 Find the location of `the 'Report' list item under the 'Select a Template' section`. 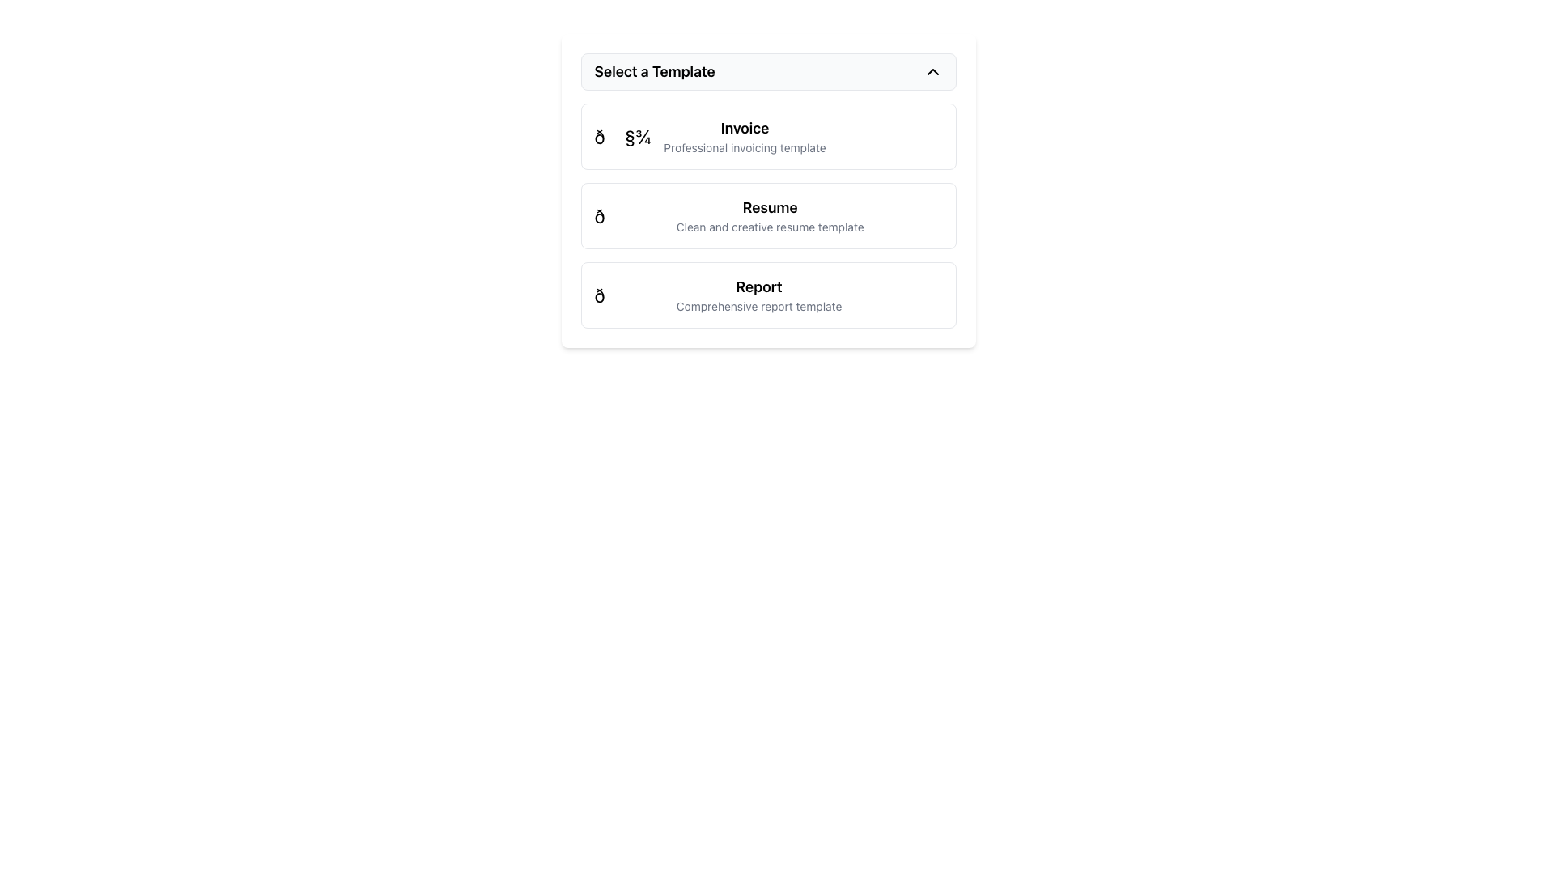

the 'Report' list item under the 'Select a Template' section is located at coordinates (717, 295).